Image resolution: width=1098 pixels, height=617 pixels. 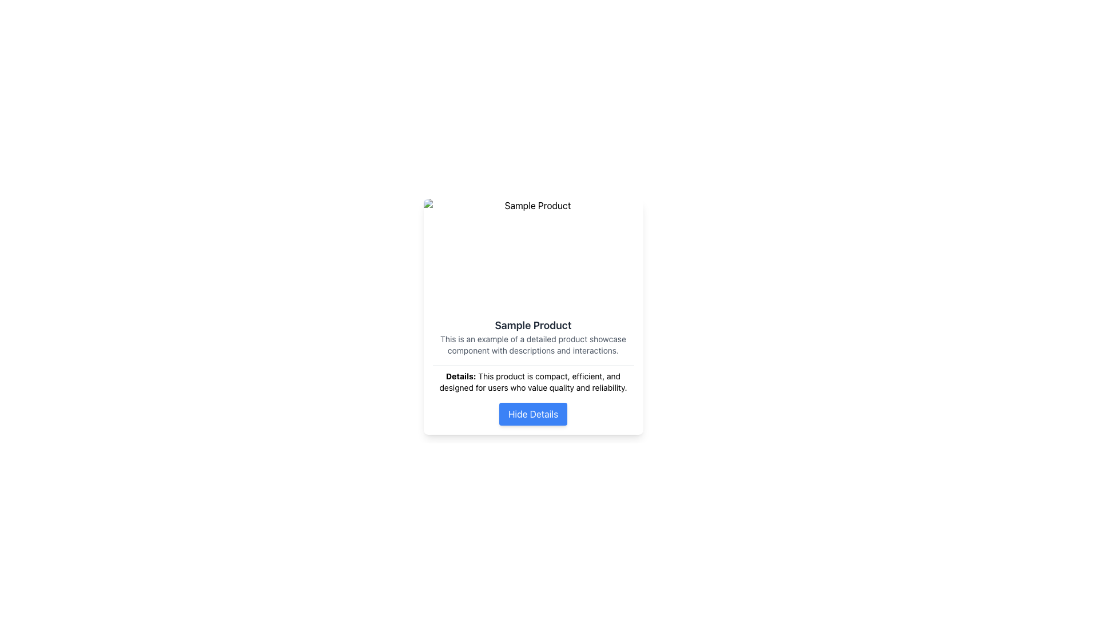 What do you see at coordinates (532, 344) in the screenshot?
I see `the Text Label that provides detailed information about the 'Sample Product', positioned below its title and above the descriptive text starting with 'Details:'` at bounding box center [532, 344].